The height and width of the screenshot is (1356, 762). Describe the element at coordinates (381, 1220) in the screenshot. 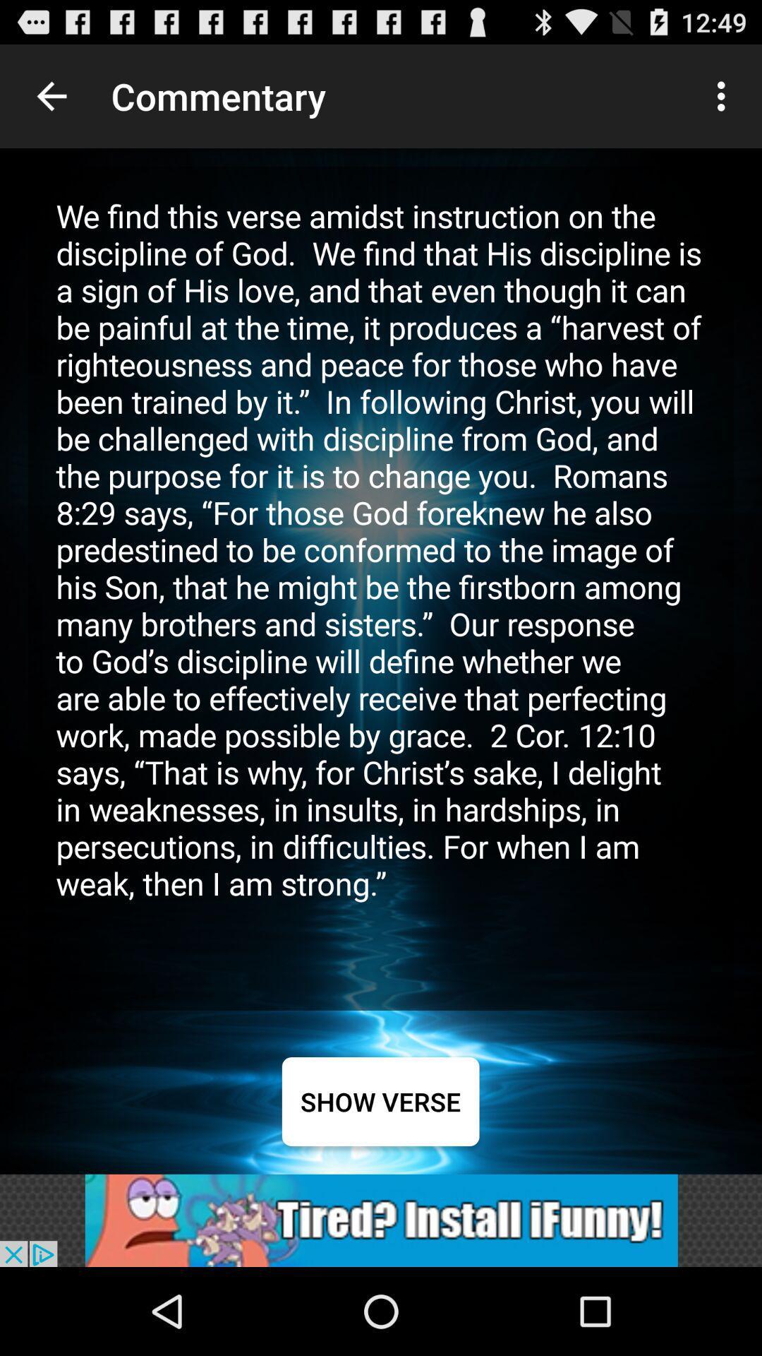

I see `view funny advertisements options` at that location.